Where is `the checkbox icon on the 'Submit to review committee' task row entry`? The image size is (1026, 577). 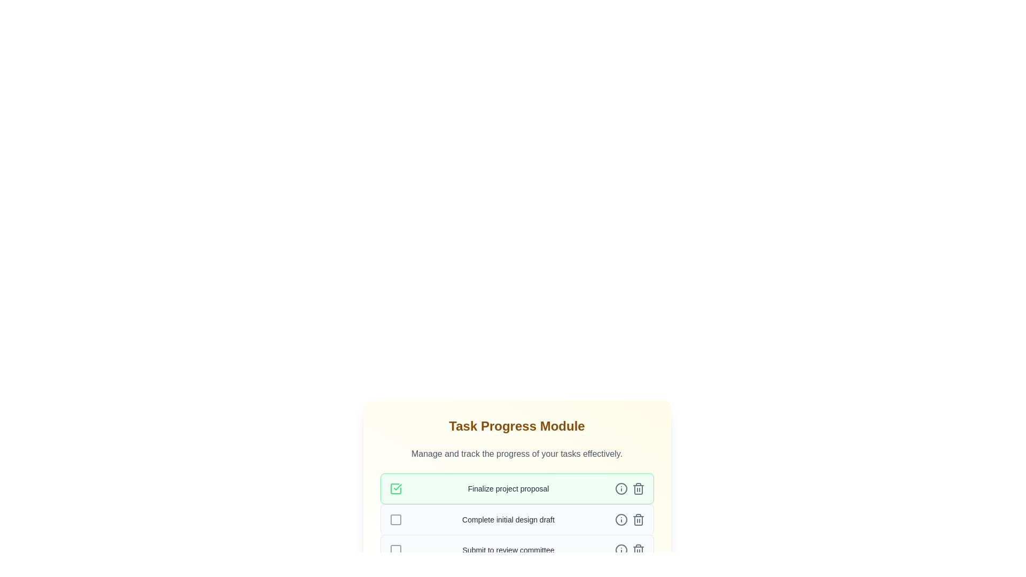
the checkbox icon on the 'Submit to review committee' task row entry is located at coordinates (517, 550).